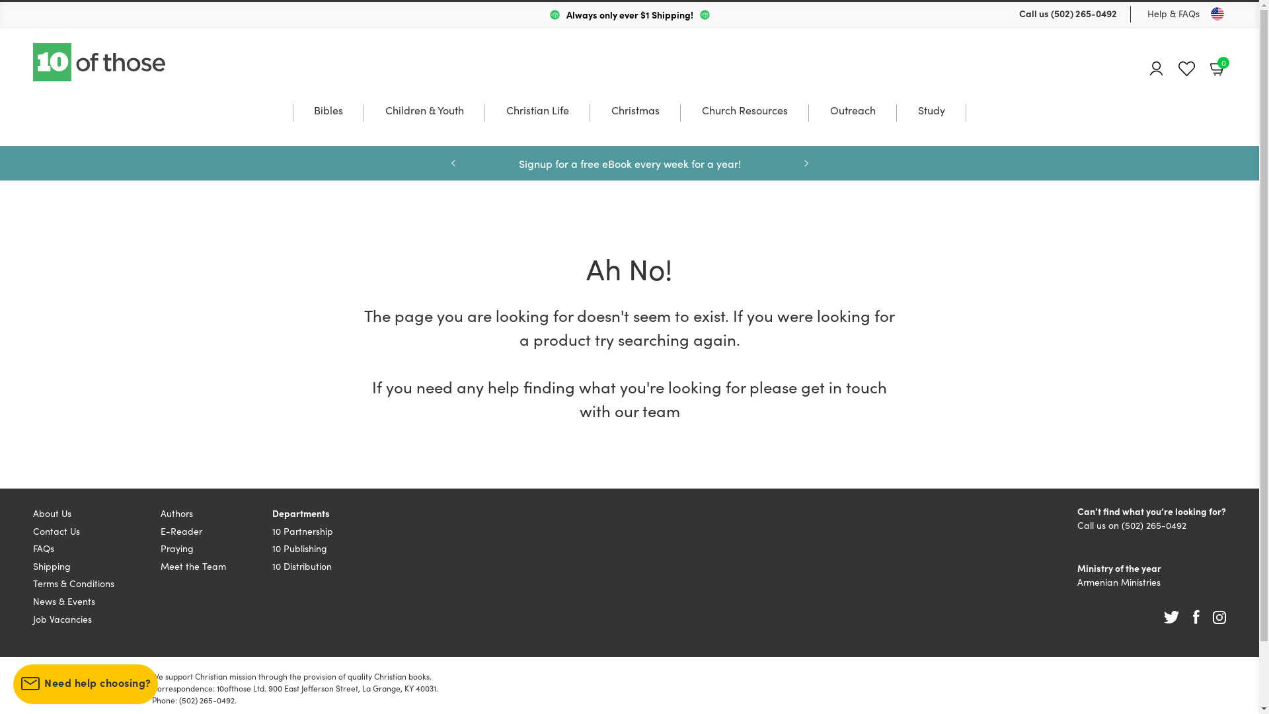 The height and width of the screenshot is (714, 1269). What do you see at coordinates (931, 122) in the screenshot?
I see `'Study'` at bounding box center [931, 122].